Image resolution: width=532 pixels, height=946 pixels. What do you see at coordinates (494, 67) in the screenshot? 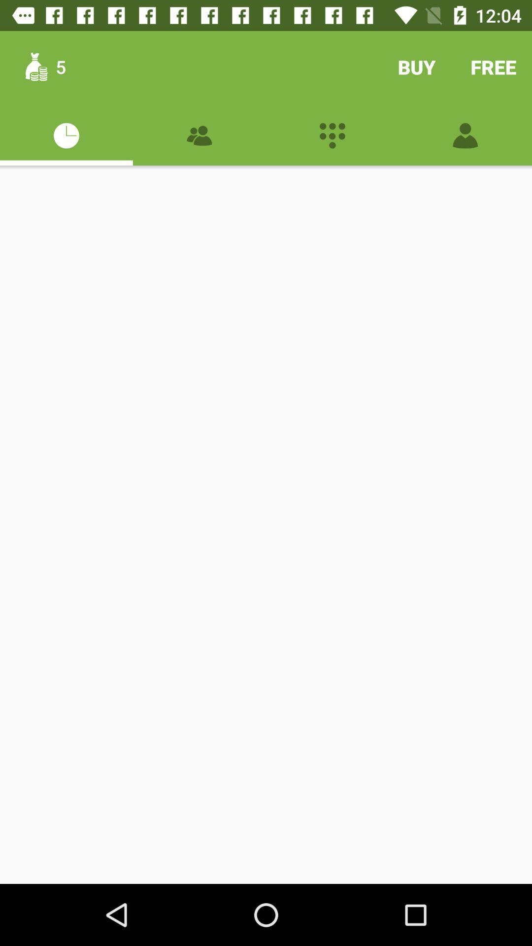
I see `the icon to the right of the buy item` at bounding box center [494, 67].